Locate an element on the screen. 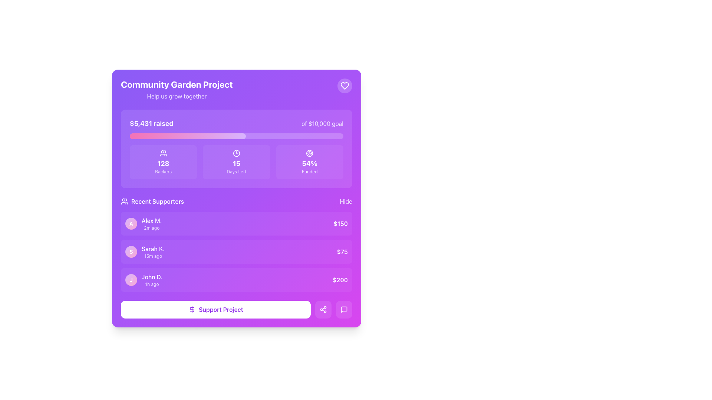 The height and width of the screenshot is (400, 712). the Text label that serves as a title for the 'Recent Supporters' section in the 'Community Garden Project' interface is located at coordinates (152, 201).